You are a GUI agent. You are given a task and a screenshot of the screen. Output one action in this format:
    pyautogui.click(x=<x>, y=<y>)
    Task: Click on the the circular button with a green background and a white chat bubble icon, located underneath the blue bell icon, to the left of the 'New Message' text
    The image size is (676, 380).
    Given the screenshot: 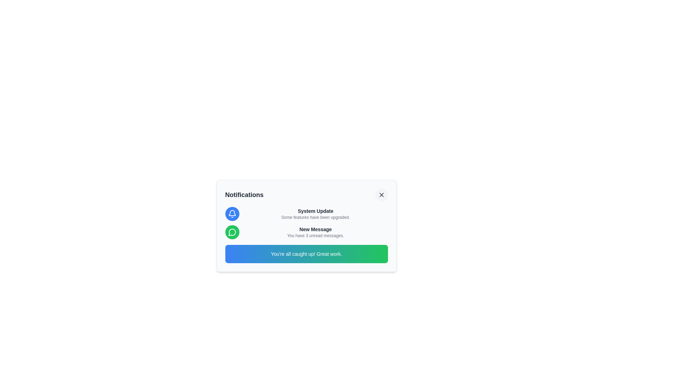 What is the action you would take?
    pyautogui.click(x=232, y=232)
    